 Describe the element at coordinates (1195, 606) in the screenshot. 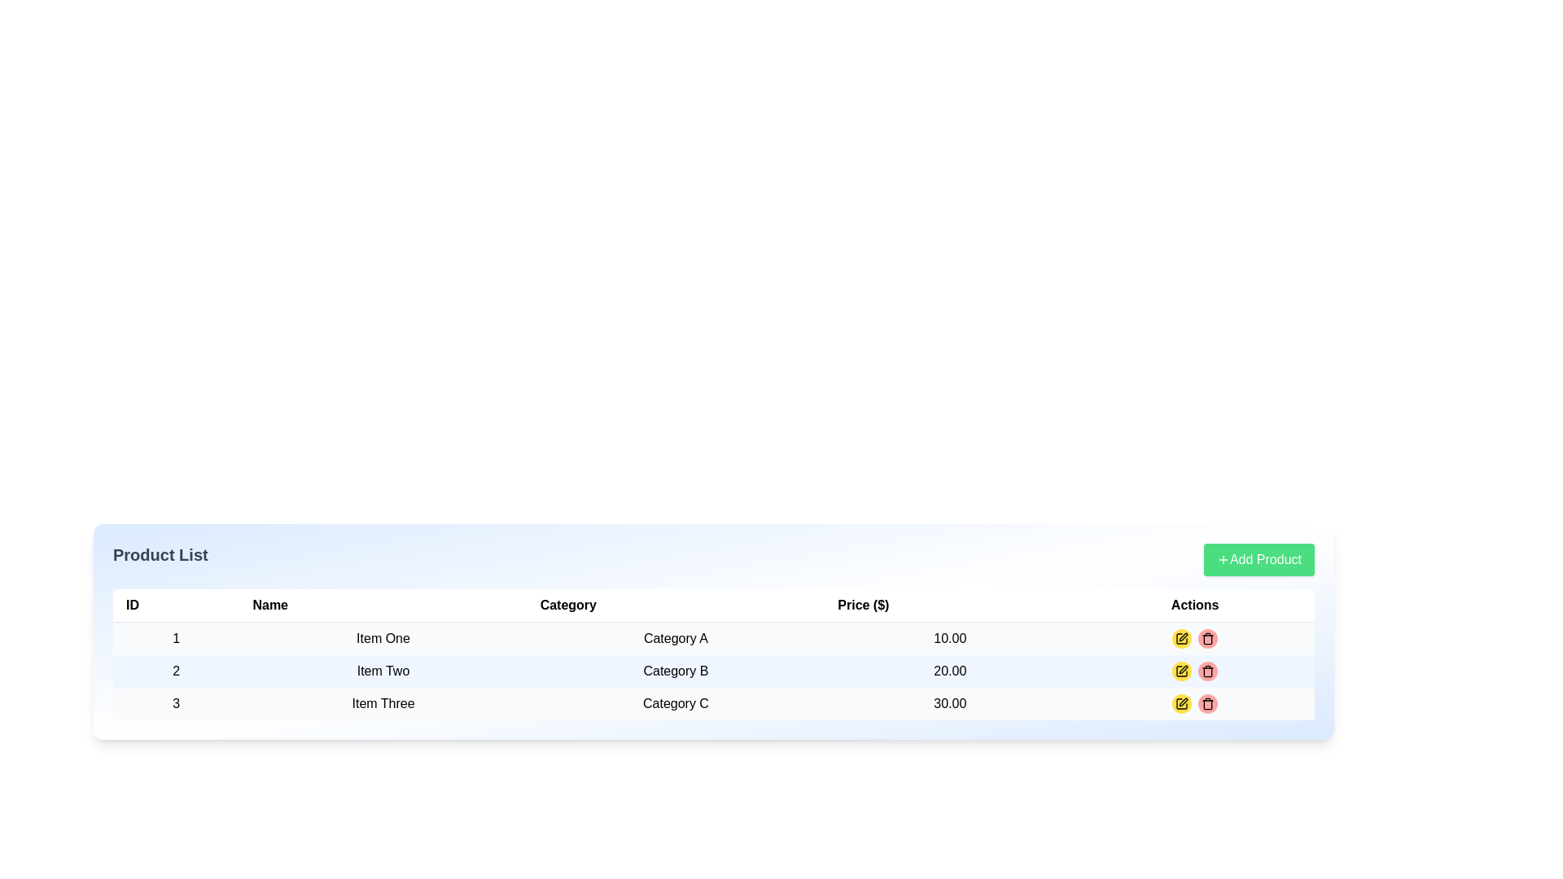

I see `the 'Actions' column header, which is the last header in the table with bold text and a neutral background` at that location.